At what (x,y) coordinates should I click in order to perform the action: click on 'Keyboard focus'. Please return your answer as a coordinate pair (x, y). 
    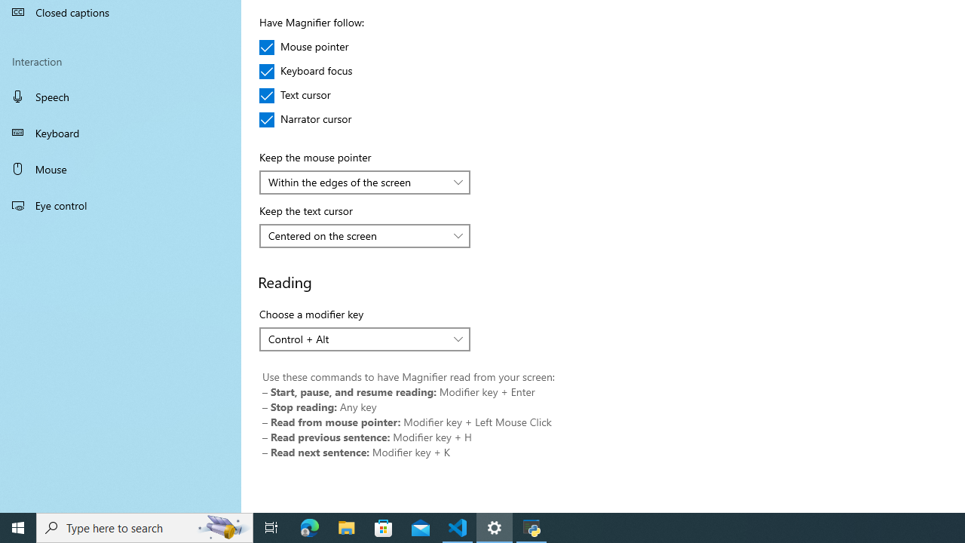
    Looking at the image, I should click on (305, 72).